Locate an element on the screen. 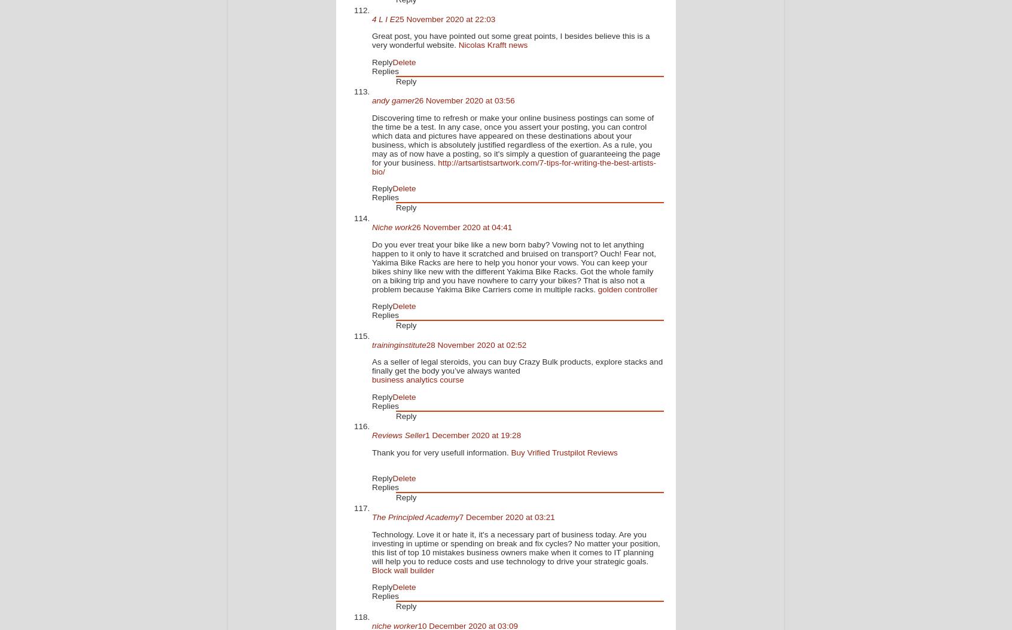 This screenshot has width=1012, height=630. '25 November 2020 at 22:03' is located at coordinates (444, 19).